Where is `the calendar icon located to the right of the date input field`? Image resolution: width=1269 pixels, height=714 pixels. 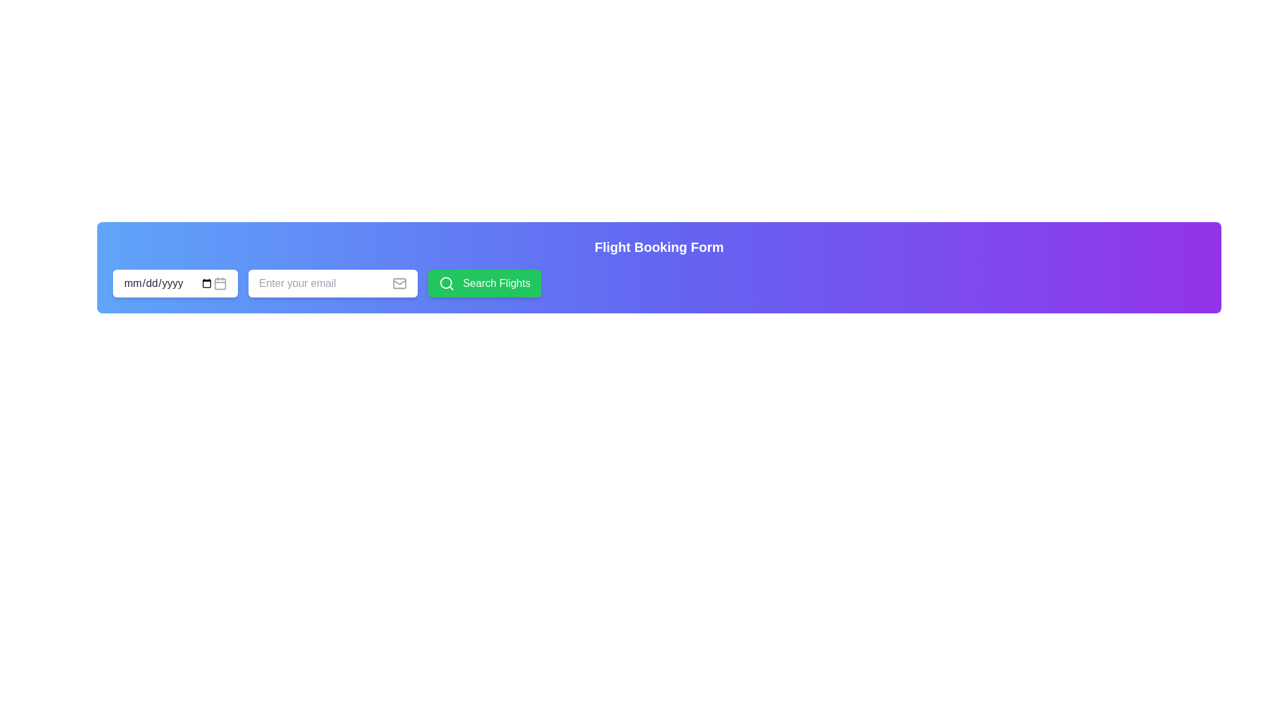 the calendar icon located to the right of the date input field is located at coordinates (220, 282).